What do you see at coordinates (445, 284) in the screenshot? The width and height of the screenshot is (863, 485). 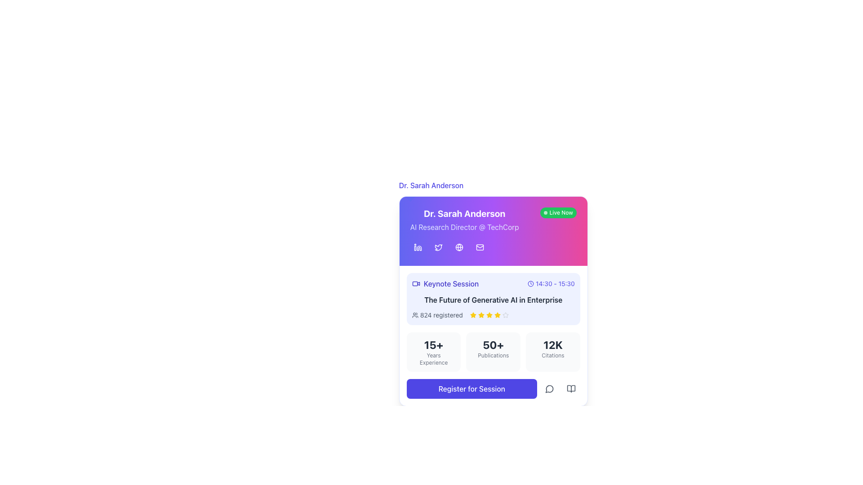 I see `the 'Keynote Session' label with icon located at the top left corner of the informational panel about the presentation` at bounding box center [445, 284].